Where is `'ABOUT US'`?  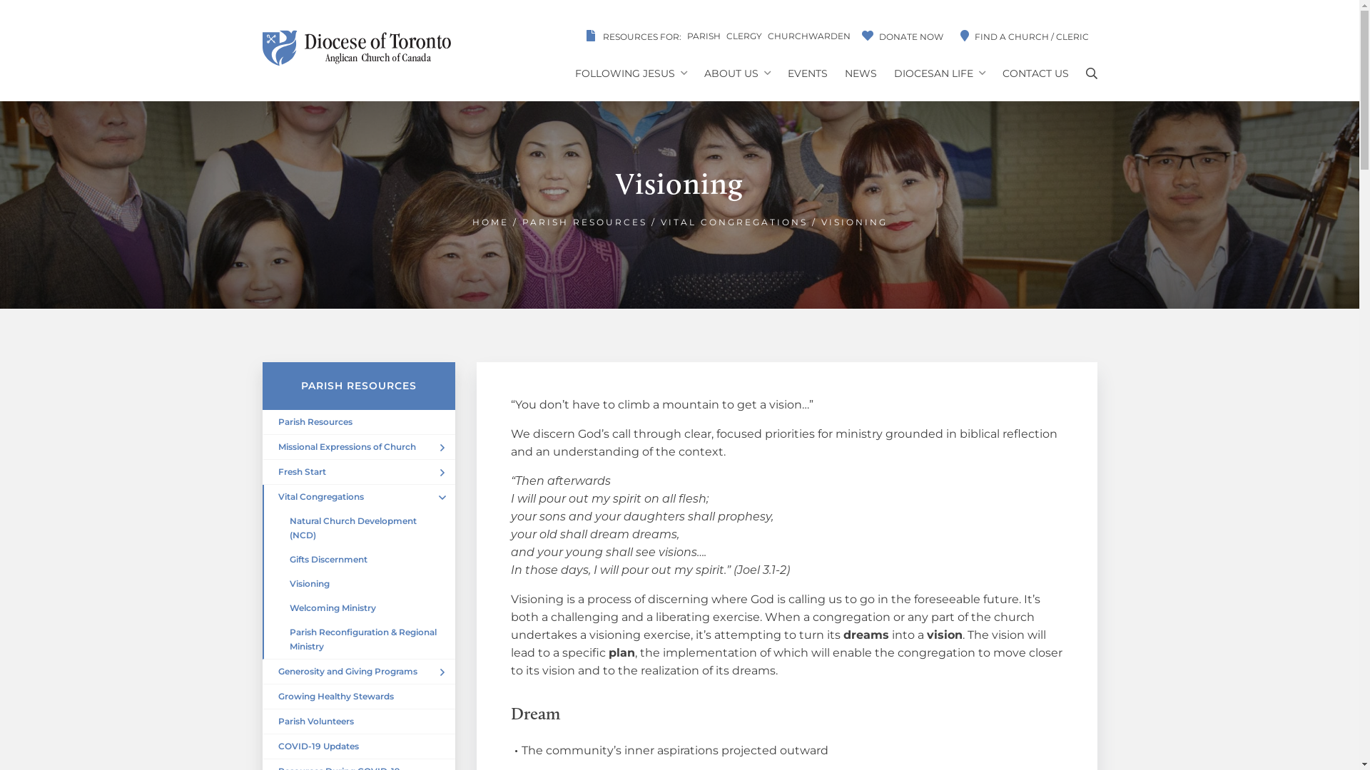
'ABOUT US' is located at coordinates (736, 73).